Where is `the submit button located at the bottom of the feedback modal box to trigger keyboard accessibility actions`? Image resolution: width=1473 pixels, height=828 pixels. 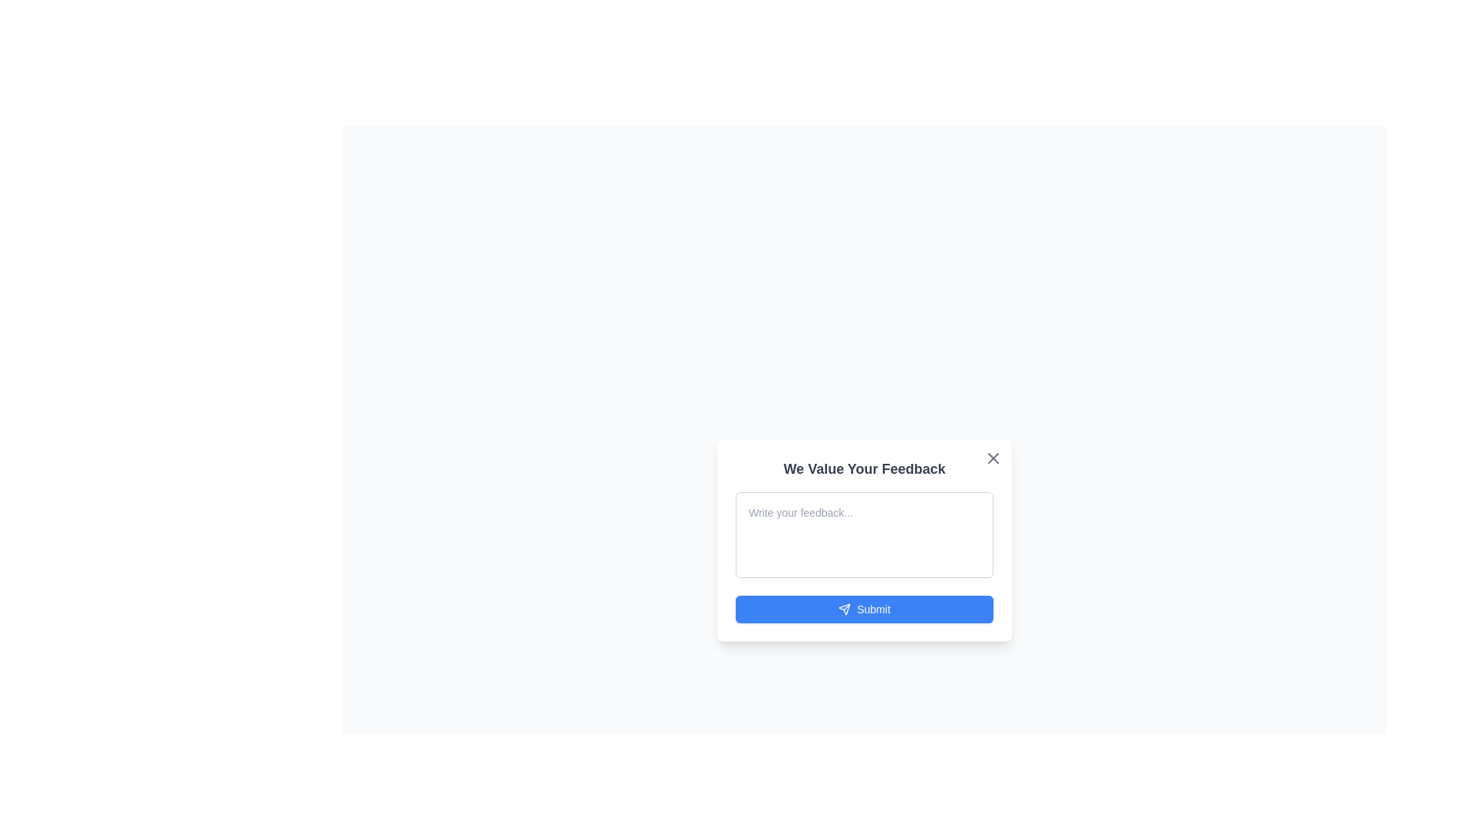 the submit button located at the bottom of the feedback modal box to trigger keyboard accessibility actions is located at coordinates (865, 608).